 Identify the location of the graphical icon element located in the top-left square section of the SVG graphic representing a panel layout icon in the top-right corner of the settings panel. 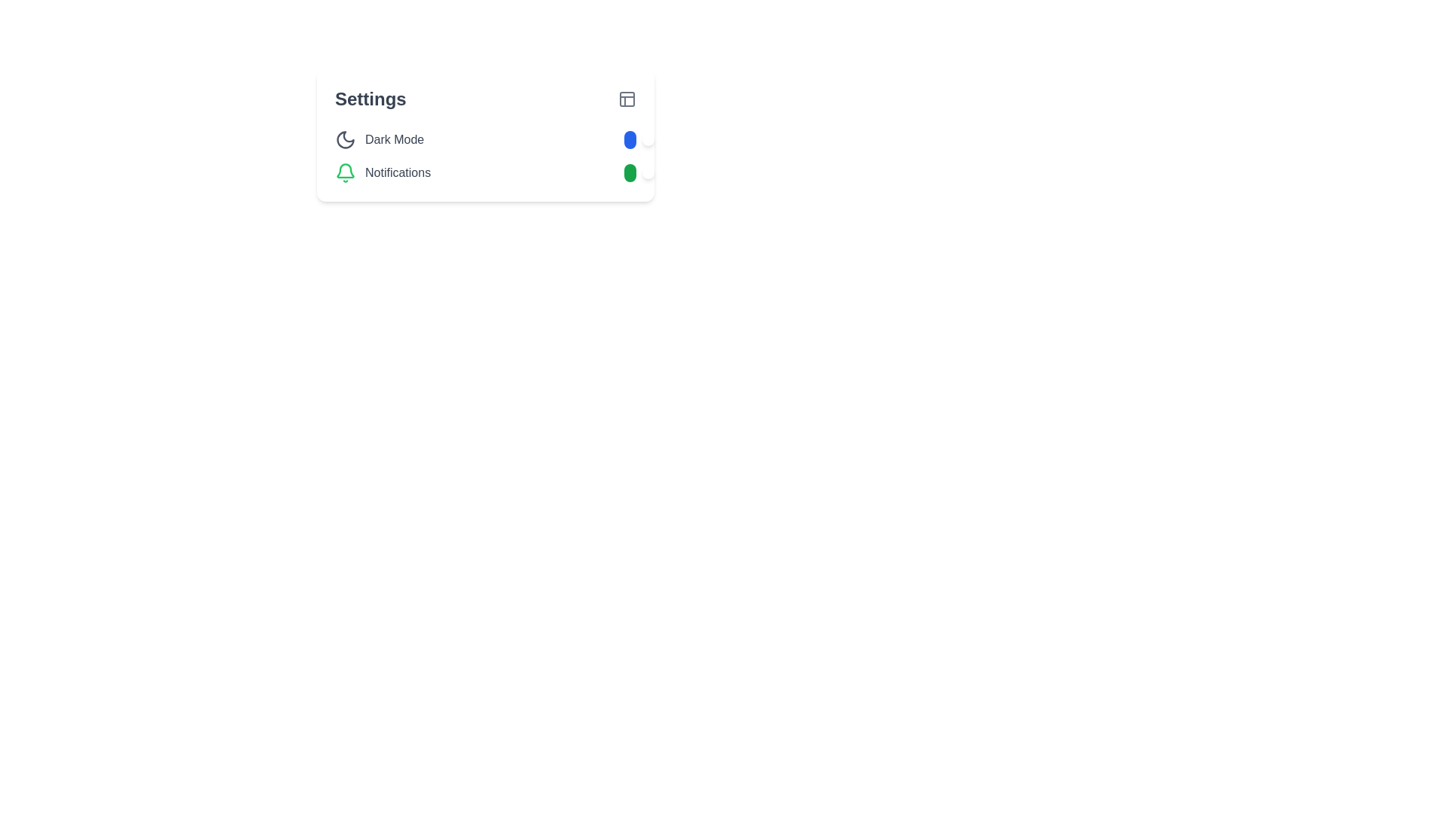
(627, 99).